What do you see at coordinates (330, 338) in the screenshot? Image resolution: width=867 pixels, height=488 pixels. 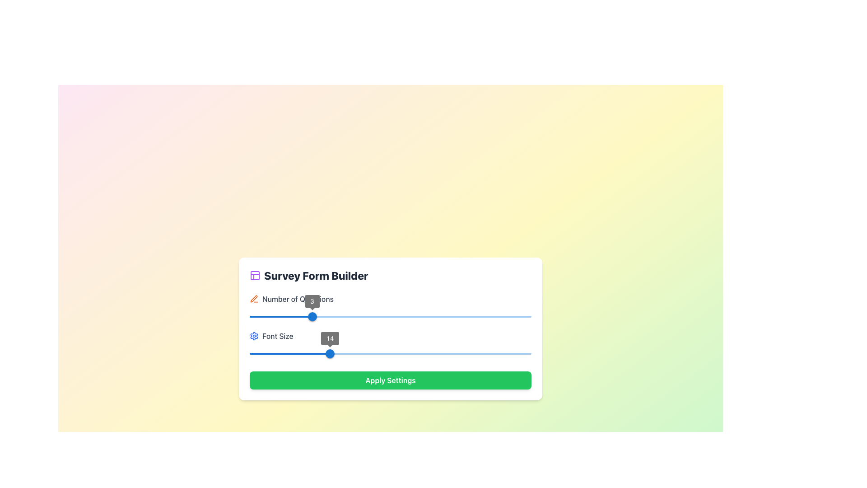 I see `the displayed value '14' on the tooltip label positioned above the slider thumb of the 'Font Size' slider` at bounding box center [330, 338].